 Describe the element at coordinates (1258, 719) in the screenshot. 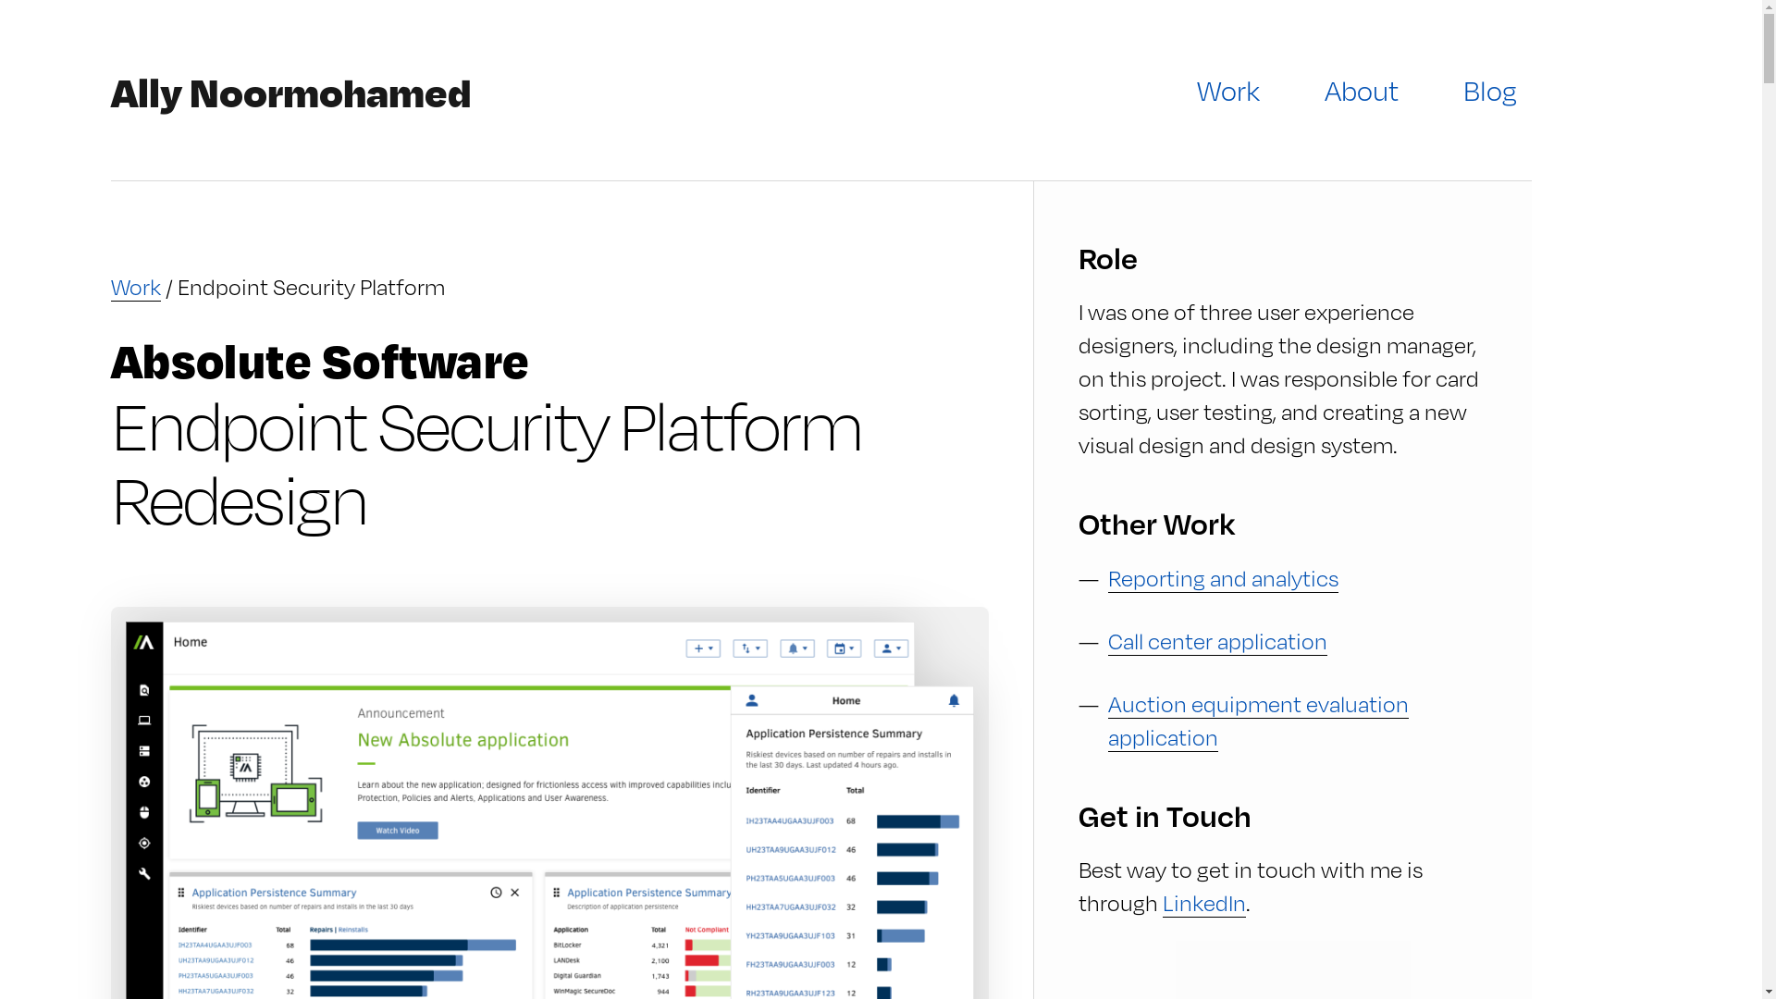

I see `'Auction equipment evaluation application'` at that location.